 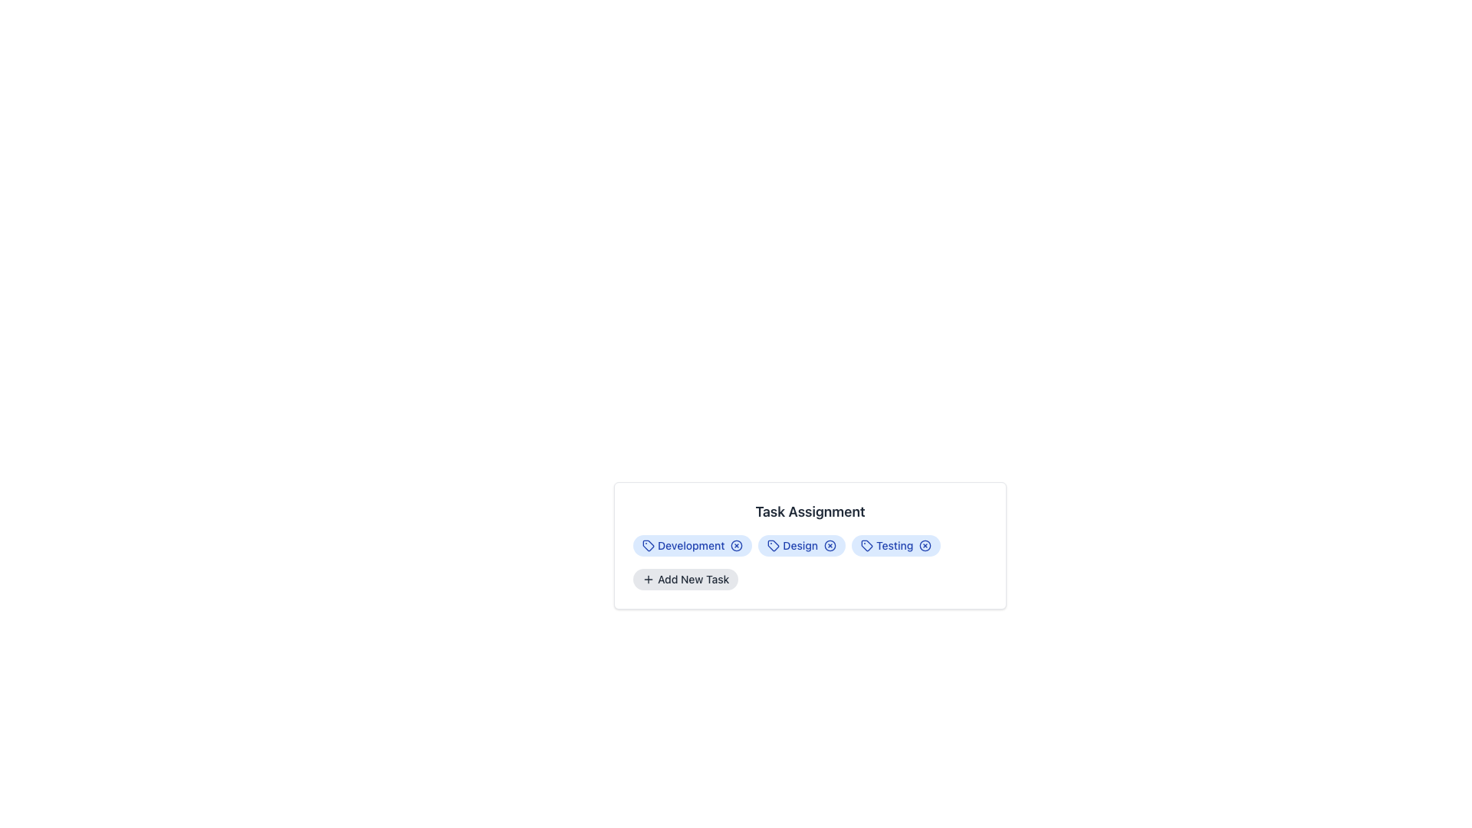 What do you see at coordinates (809, 511) in the screenshot?
I see `the textual header reading 'Task Assignment', which is styled in a large, bold, dark gray font and located at the upper part of a box containing task tags and an 'Add New Task' button` at bounding box center [809, 511].